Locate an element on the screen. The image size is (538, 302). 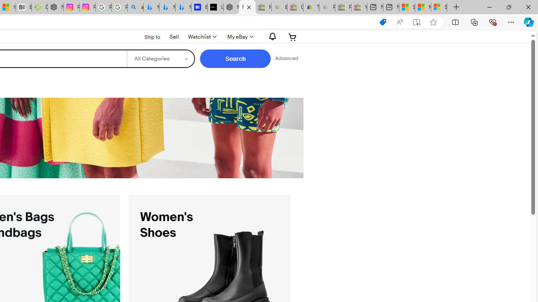
'Advanced Search' is located at coordinates (286, 58).